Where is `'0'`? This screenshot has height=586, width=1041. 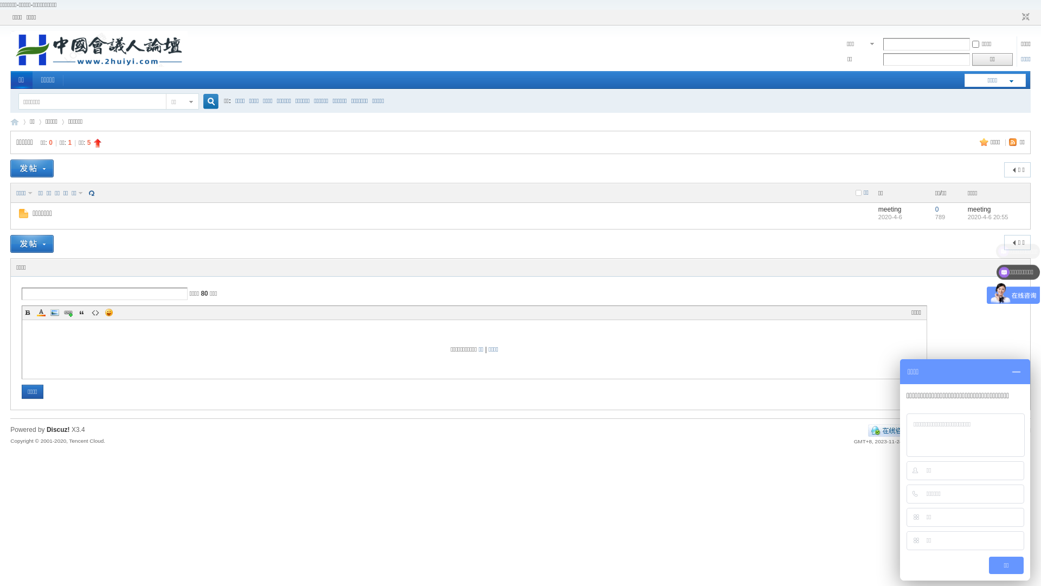 '0' is located at coordinates (936, 209).